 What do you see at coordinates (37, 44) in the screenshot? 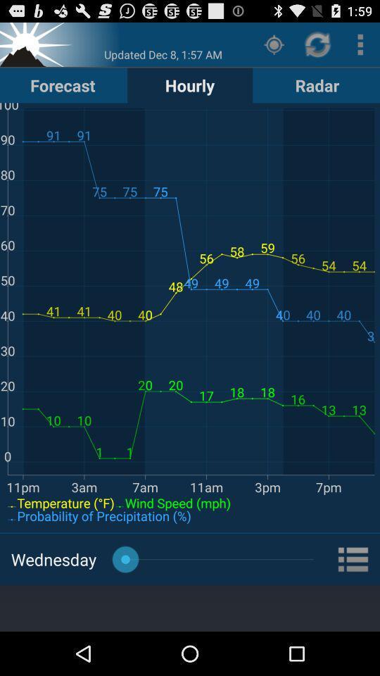
I see `home` at bounding box center [37, 44].